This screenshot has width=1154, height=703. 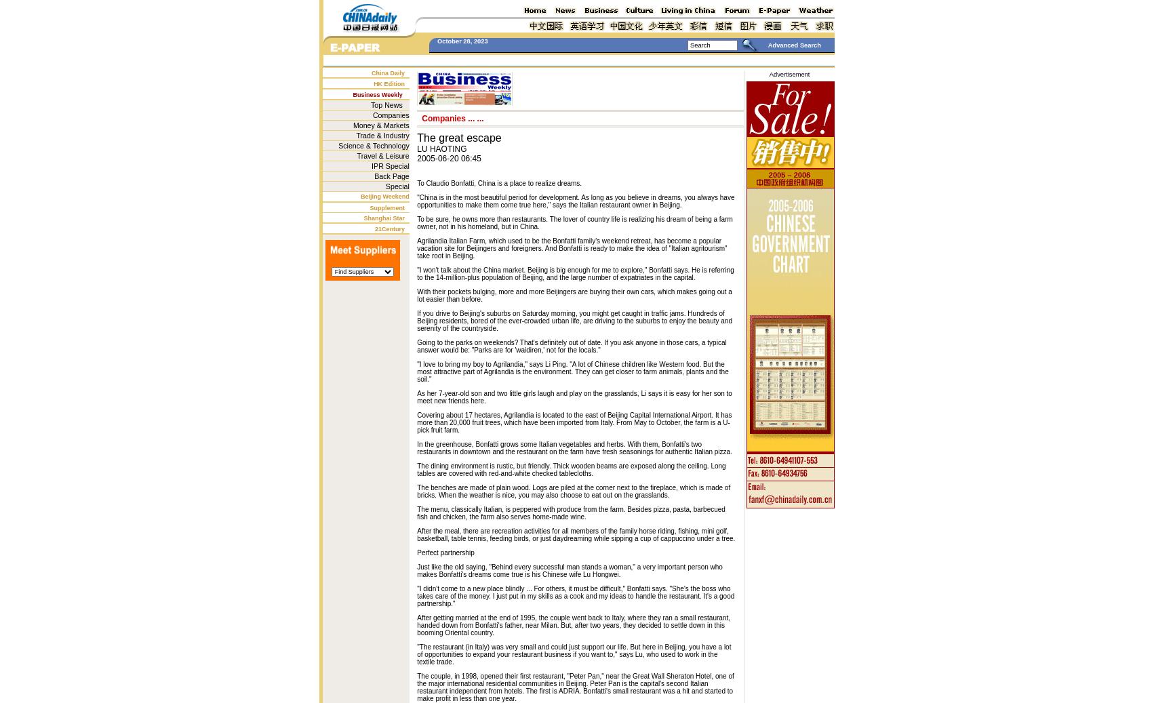 What do you see at coordinates (387, 207) in the screenshot?
I see `'Supplement'` at bounding box center [387, 207].